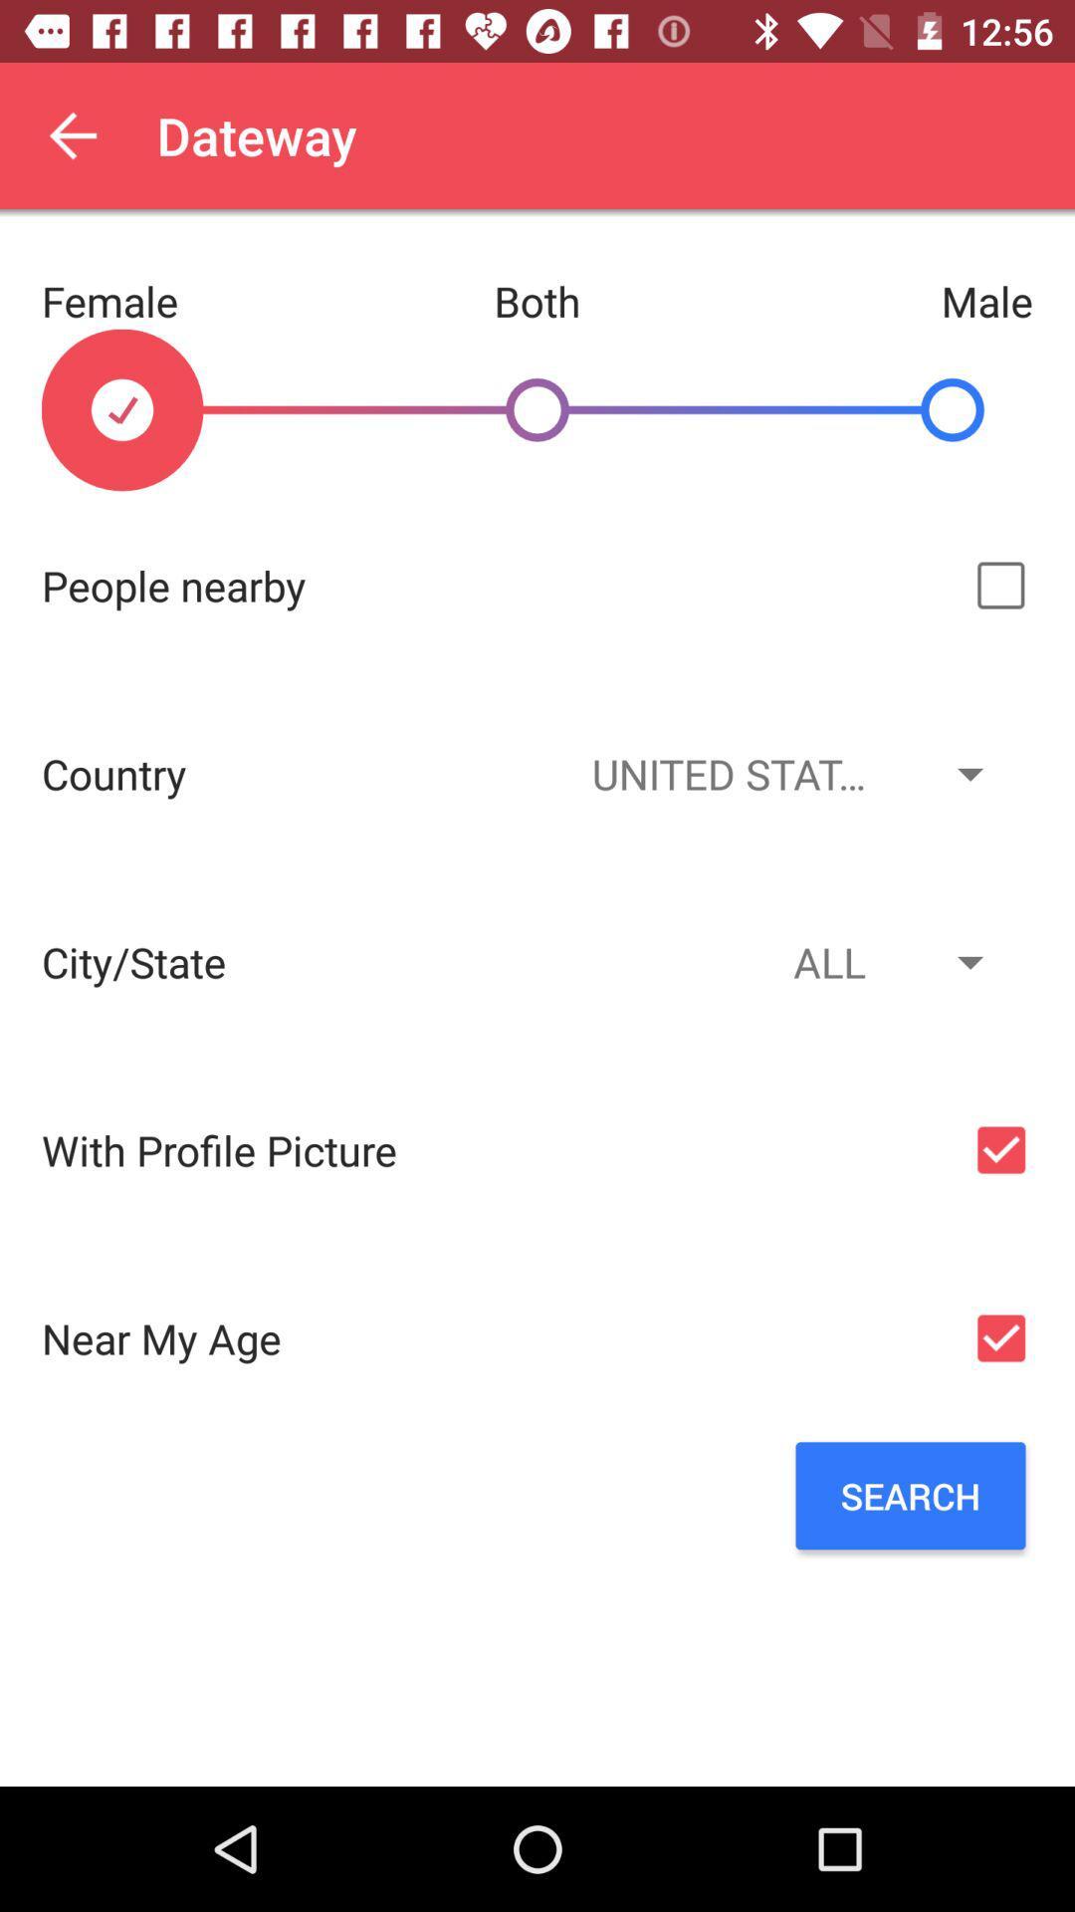  I want to click on check near my age, so click(1000, 1338).